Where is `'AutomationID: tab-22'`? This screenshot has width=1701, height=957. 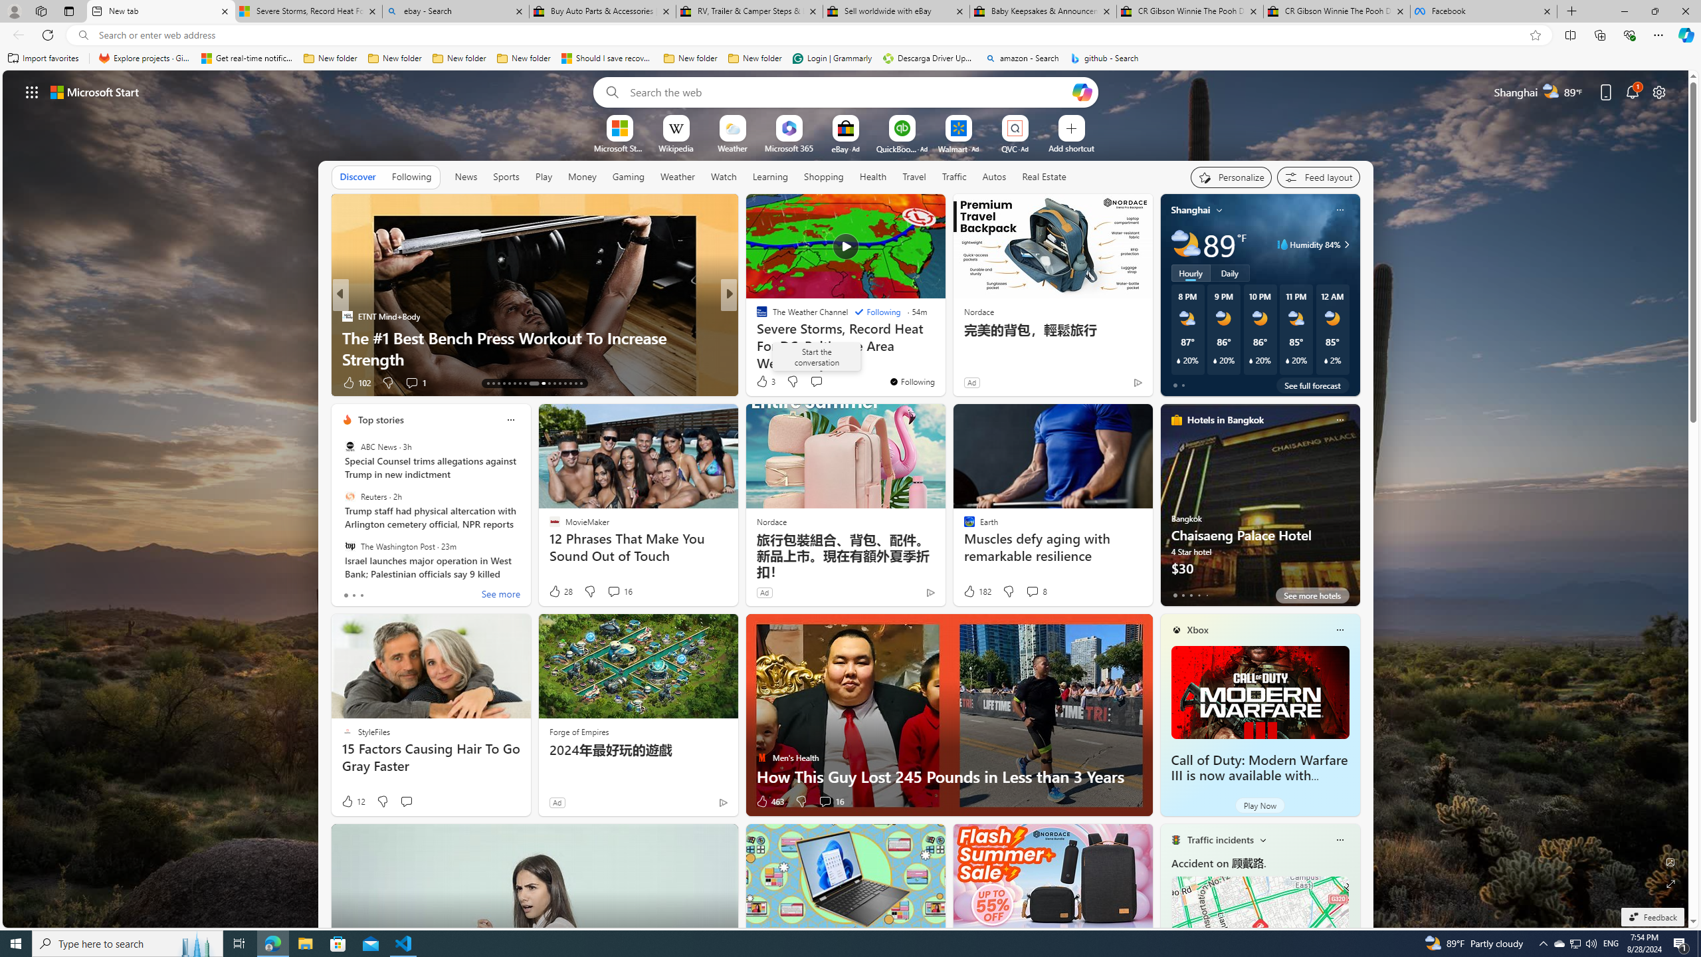 'AutomationID: tab-22' is located at coordinates (539, 383).